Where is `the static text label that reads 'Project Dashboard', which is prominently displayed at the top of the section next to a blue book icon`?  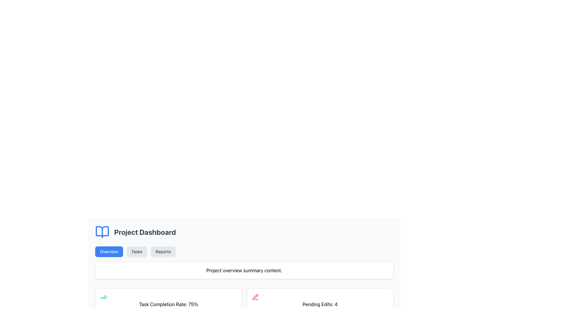
the static text label that reads 'Project Dashboard', which is prominently displayed at the top of the section next to a blue book icon is located at coordinates (145, 232).